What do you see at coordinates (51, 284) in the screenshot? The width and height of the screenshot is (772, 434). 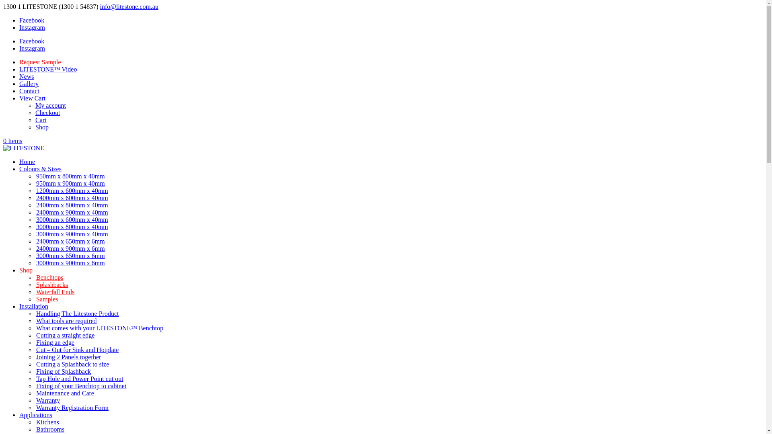 I see `'Splashbacks'` at bounding box center [51, 284].